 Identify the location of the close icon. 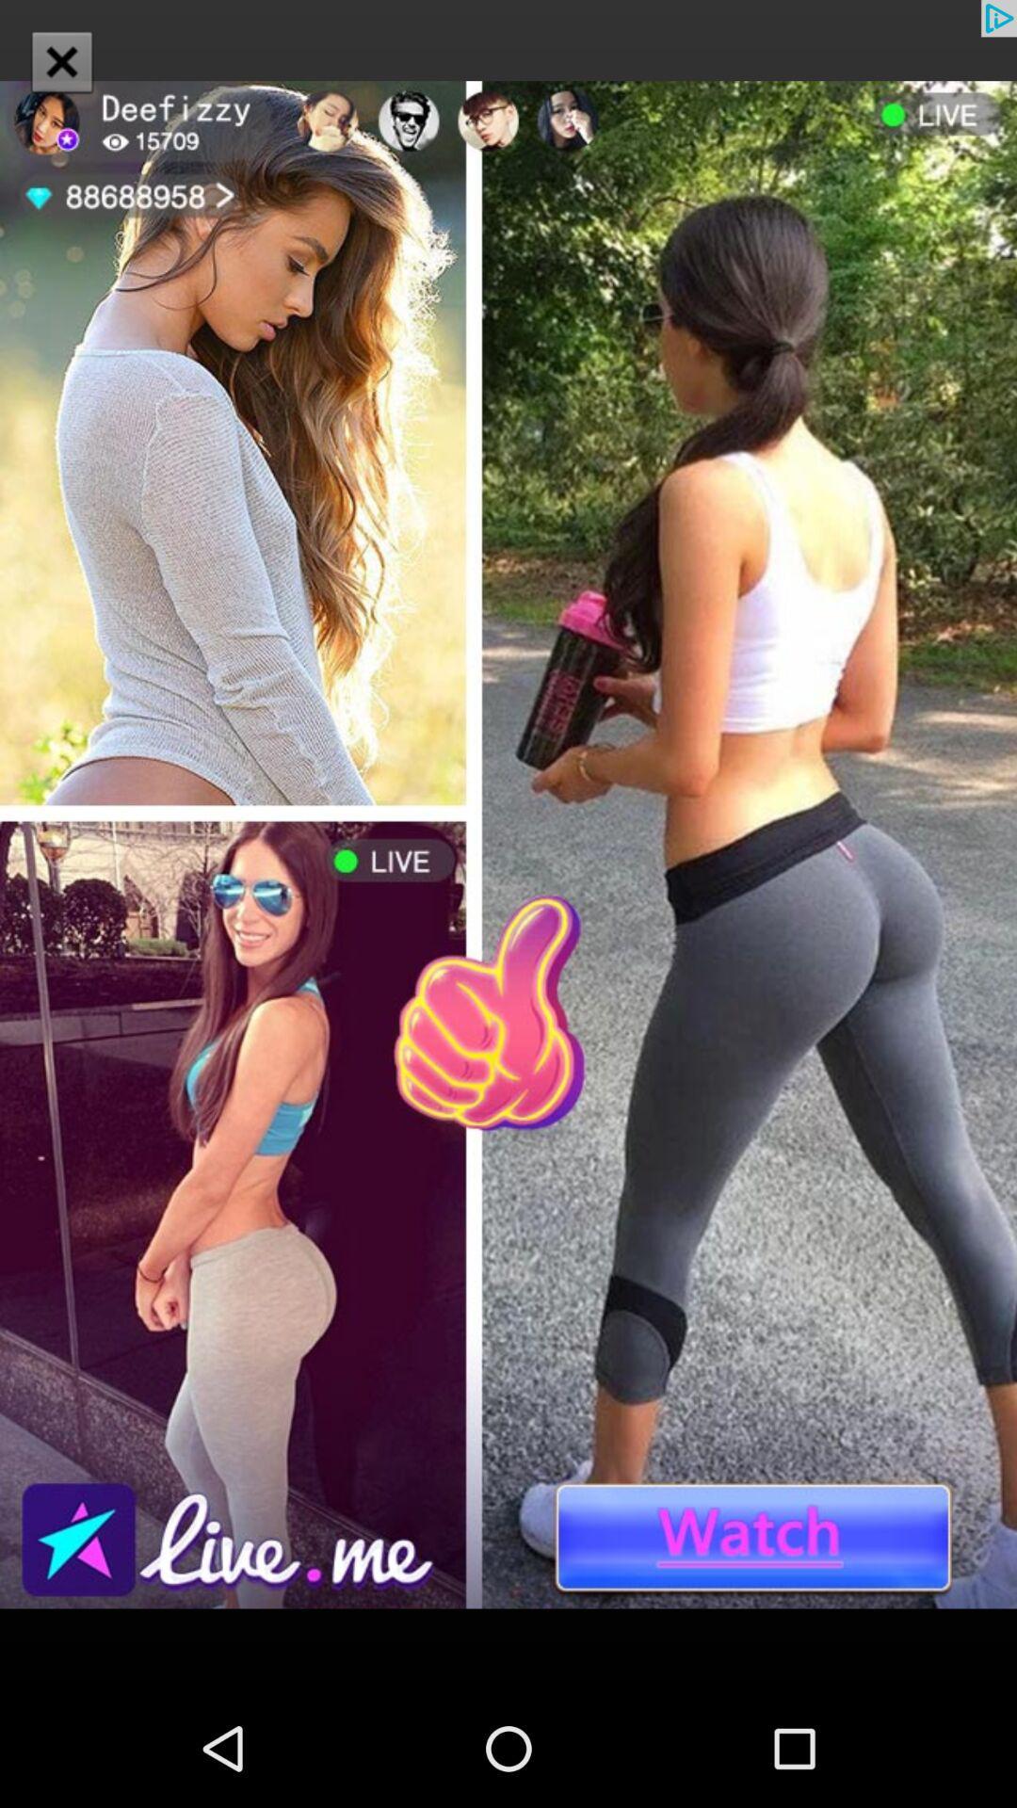
(60, 66).